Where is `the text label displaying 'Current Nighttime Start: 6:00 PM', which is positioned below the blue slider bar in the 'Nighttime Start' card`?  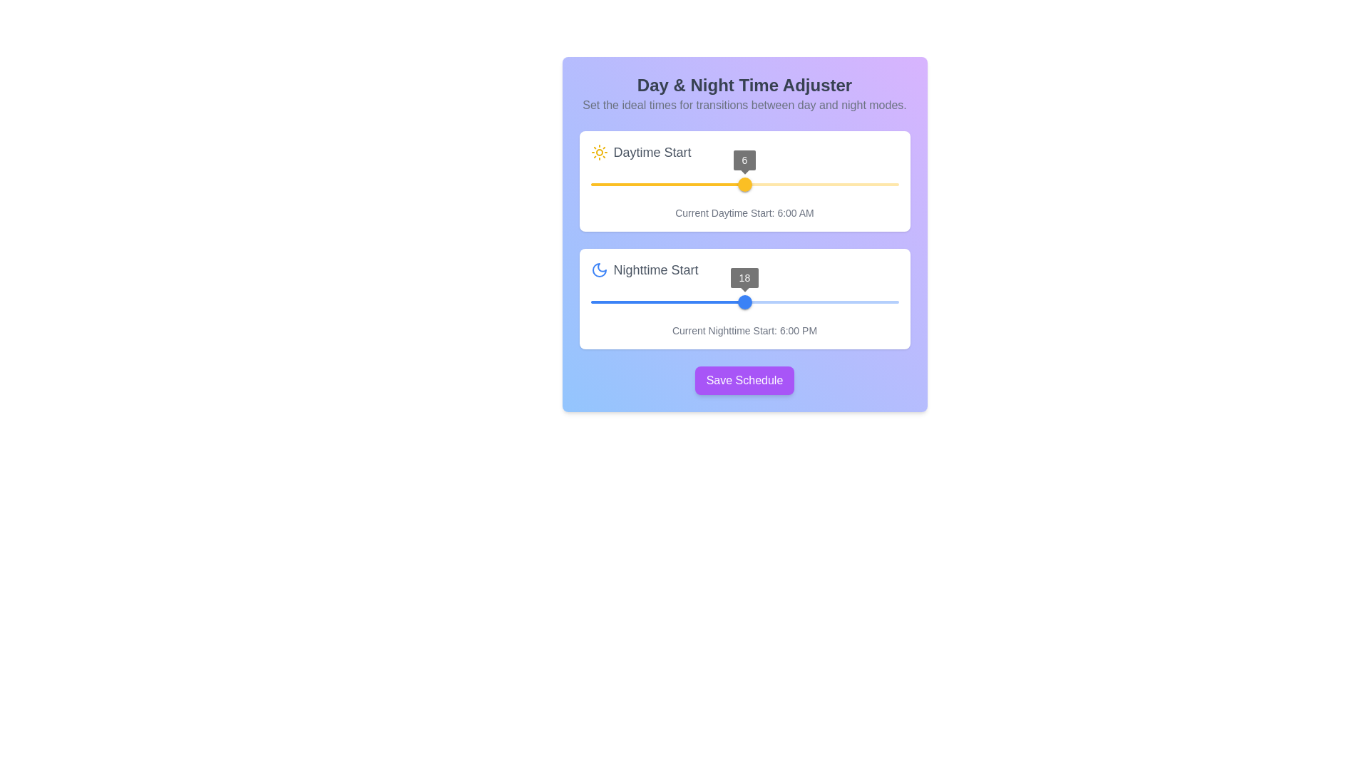 the text label displaying 'Current Nighttime Start: 6:00 PM', which is positioned below the blue slider bar in the 'Nighttime Start' card is located at coordinates (744, 330).